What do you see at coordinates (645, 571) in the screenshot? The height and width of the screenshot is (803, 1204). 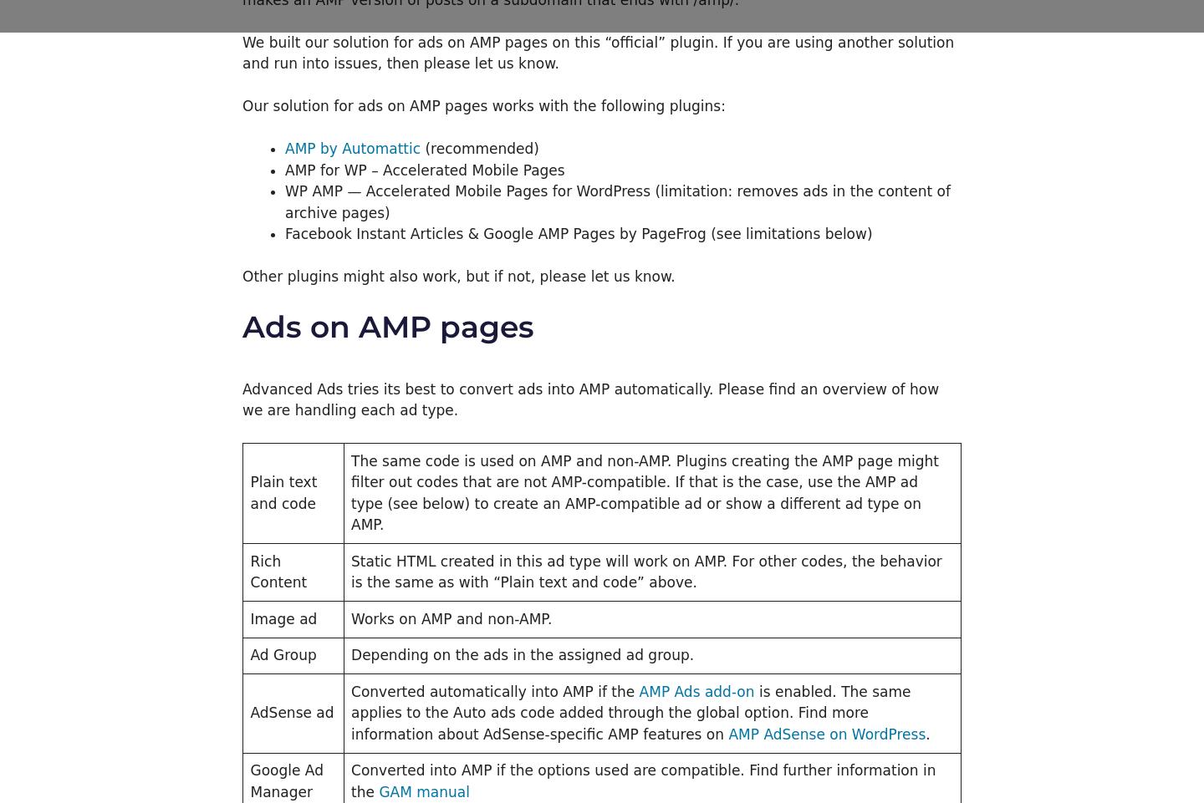 I see `'Static HTML created in this ad type will work on AMP. For other codes, the behavior is the same as with “Plain text and code” above.'` at bounding box center [645, 571].